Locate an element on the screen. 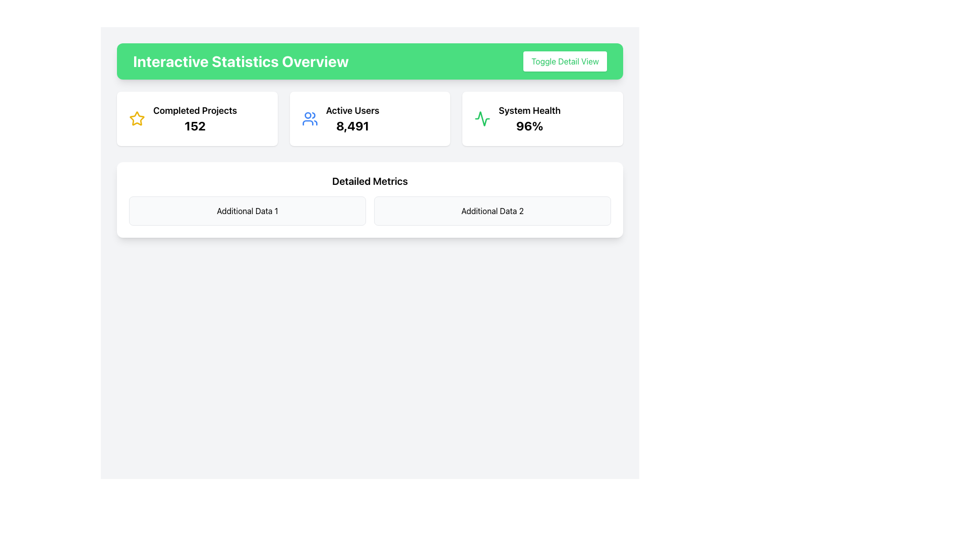 Image resolution: width=968 pixels, height=544 pixels. the Text Label that describes the metric '152' in the first card of the statistics overview section, positioned above the numeric label and aligned next to a star icon is located at coordinates (195, 110).